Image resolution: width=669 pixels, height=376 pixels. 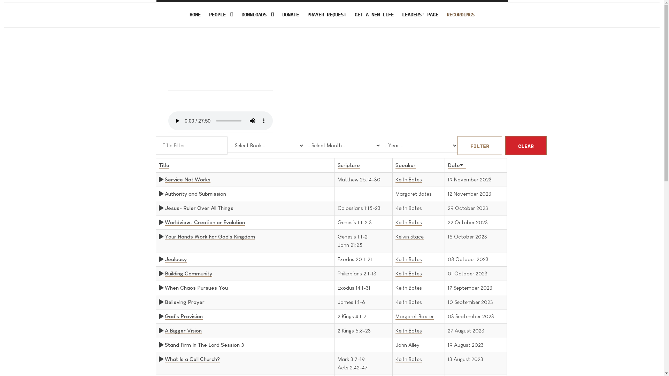 What do you see at coordinates (195, 194) in the screenshot?
I see `'Authority and Submission'` at bounding box center [195, 194].